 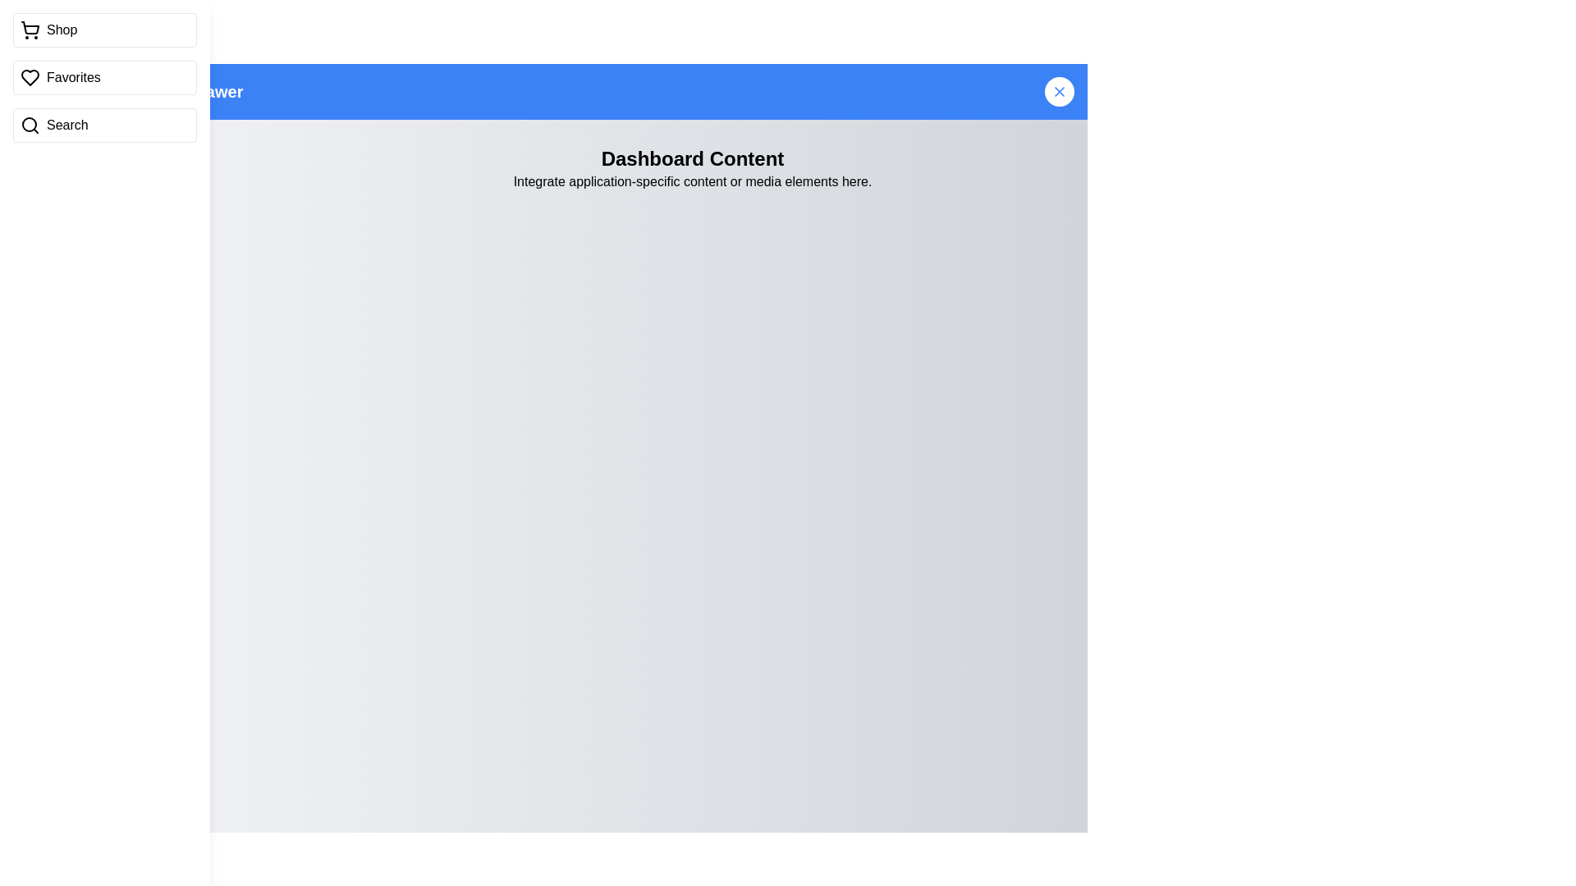 I want to click on the navigation button at the top of the vertical menu on the left side of the interface, so click(x=104, y=30).